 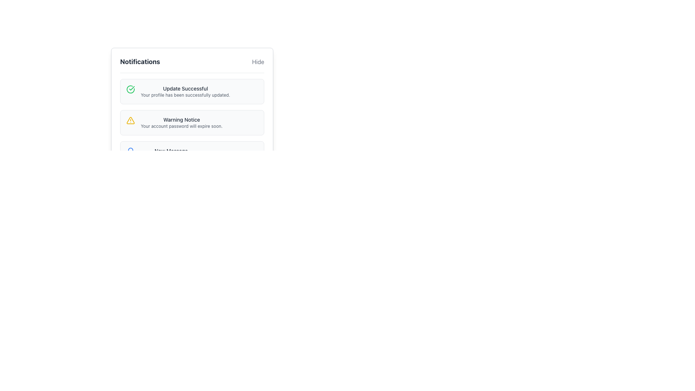 I want to click on the static text notification that reads 'Your account password will expire soon.' located beneath the 'Warning Notice' title in the Notifications section, so click(x=181, y=126).